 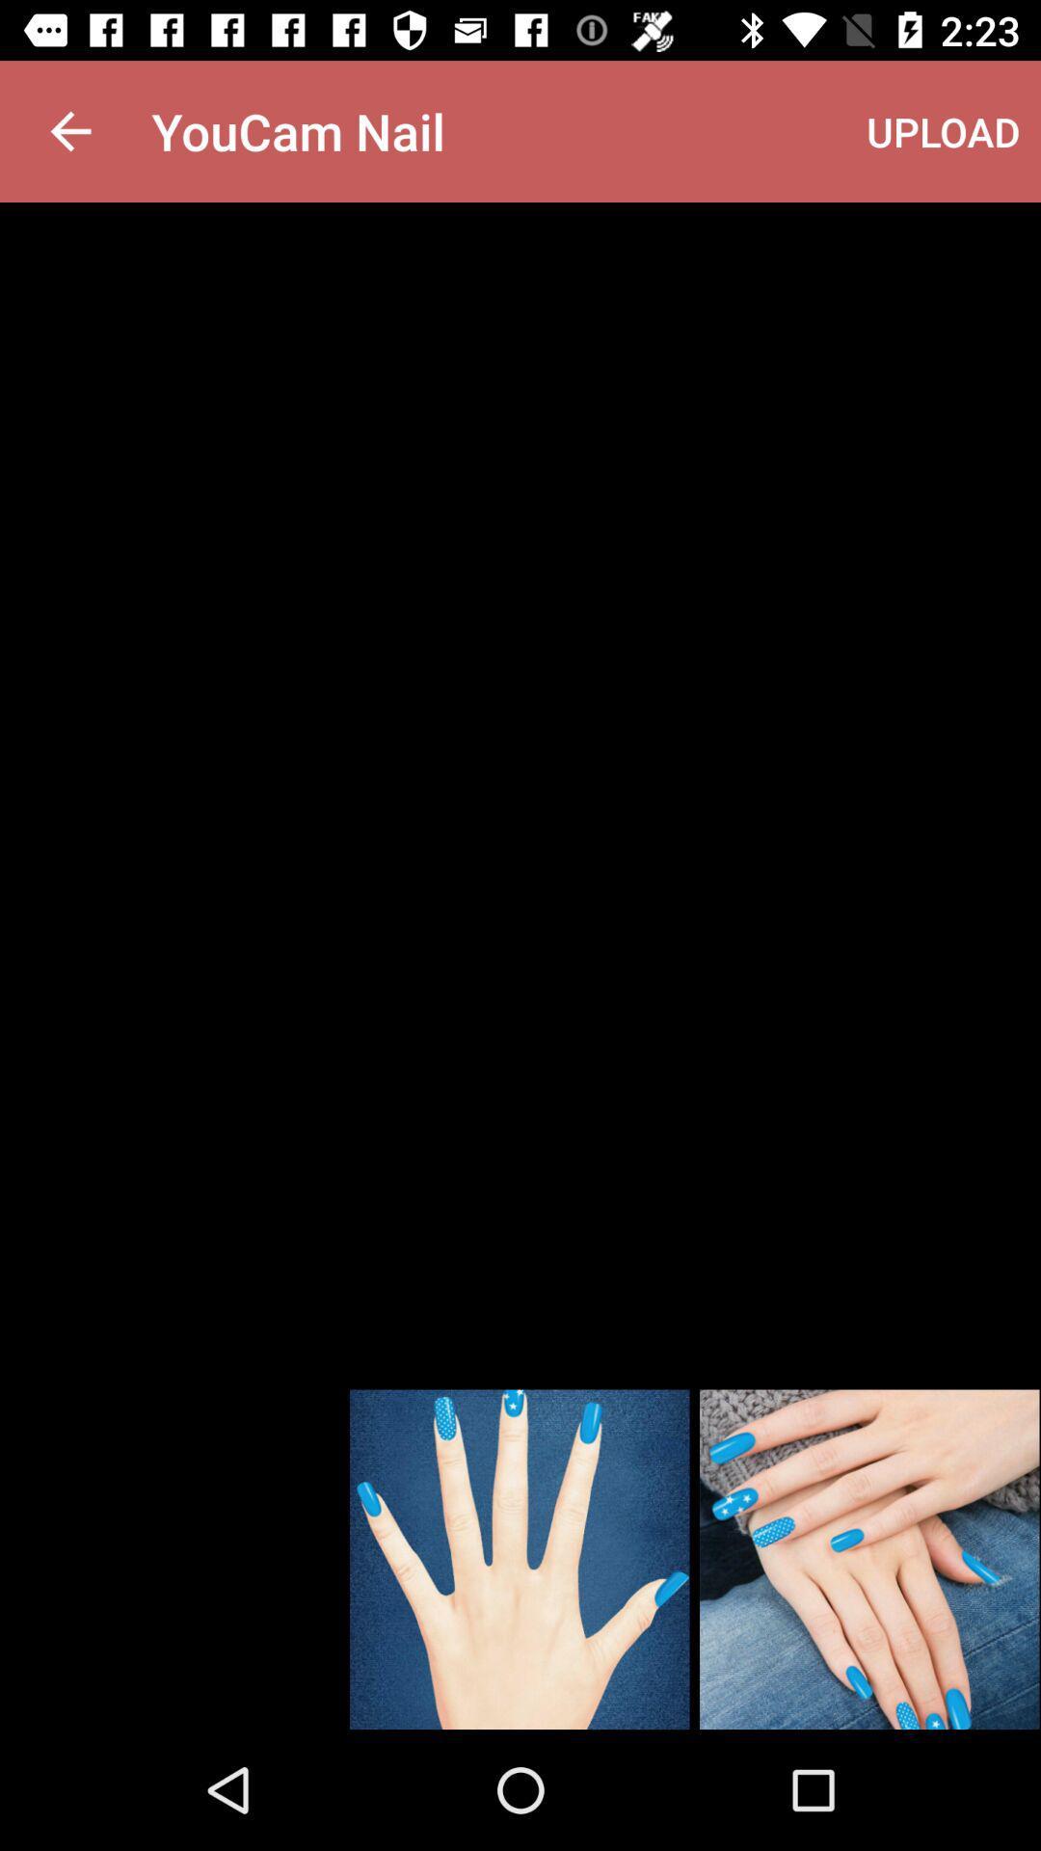 I want to click on photo, so click(x=519, y=1559).